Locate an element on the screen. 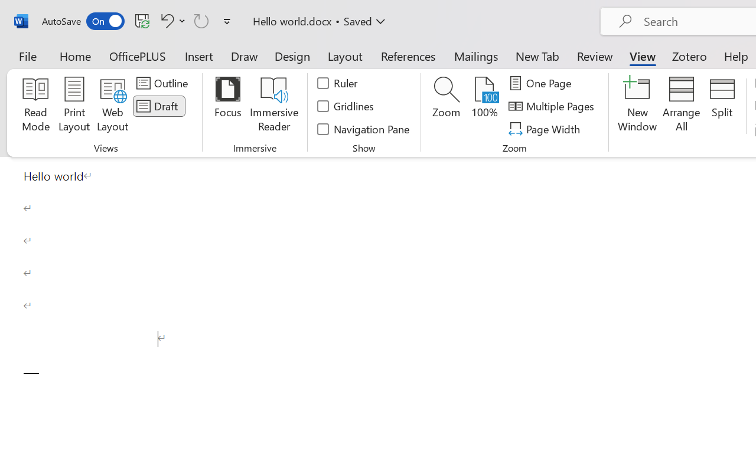 The image size is (756, 472). 'Focus' is located at coordinates (227, 106).